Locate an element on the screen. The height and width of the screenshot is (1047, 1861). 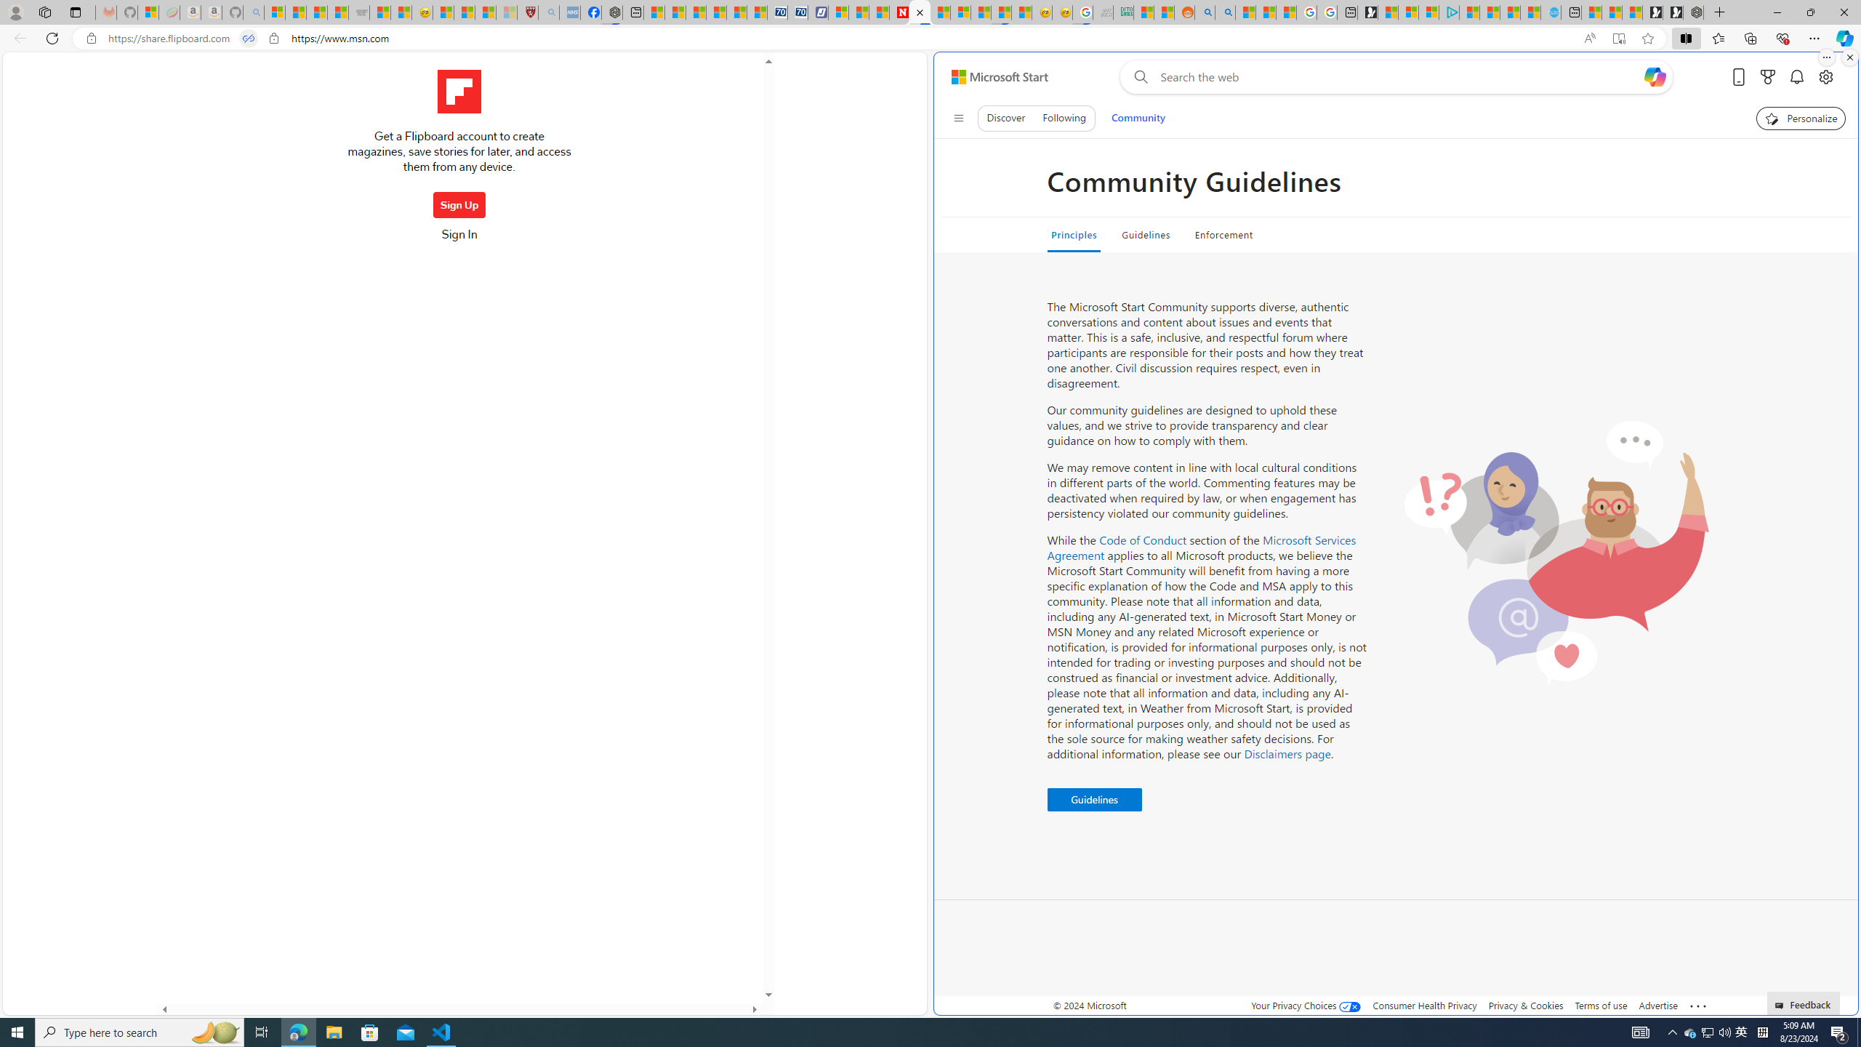
'Class: oneFooter_seeMore-DS-EntryPoint1-1' is located at coordinates (1697, 1005).